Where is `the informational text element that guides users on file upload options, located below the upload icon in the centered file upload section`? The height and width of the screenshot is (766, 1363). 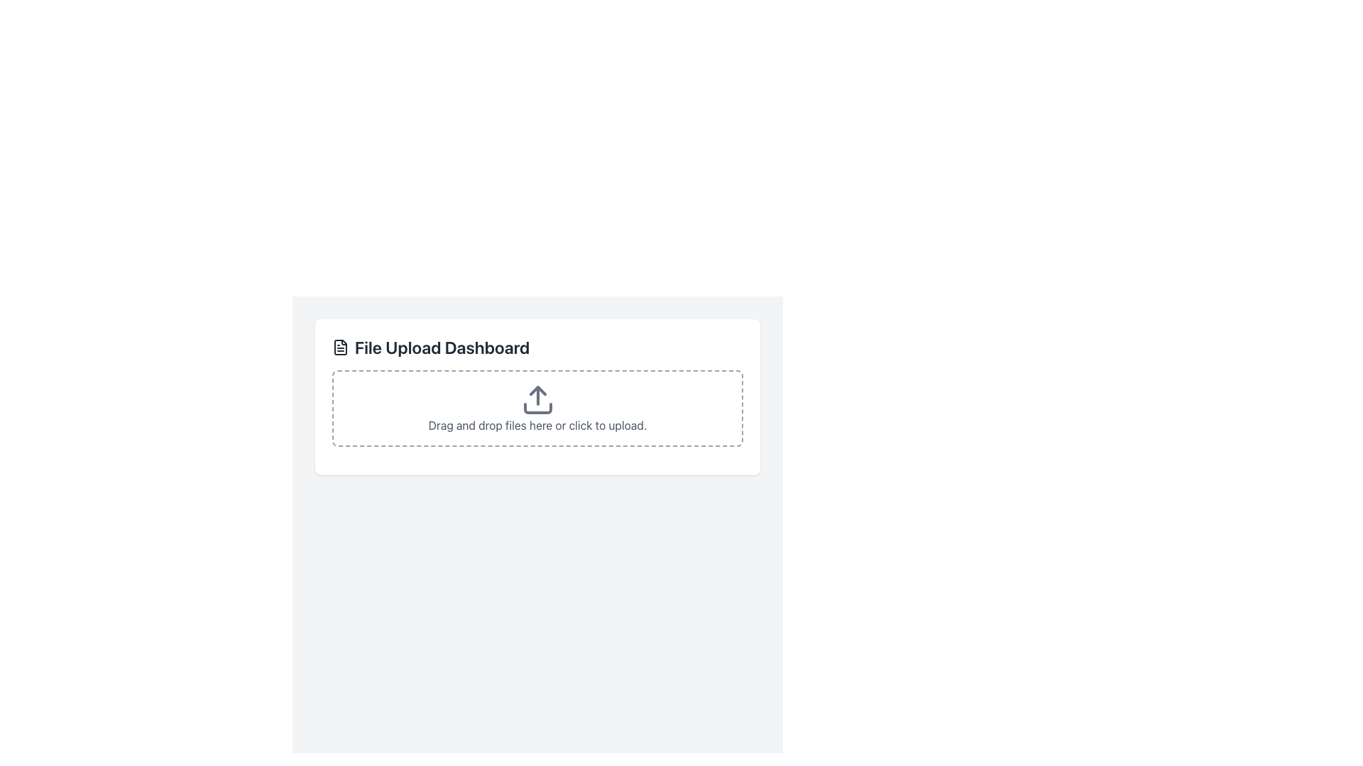
the informational text element that guides users on file upload options, located below the upload icon in the centered file upload section is located at coordinates (537, 425).